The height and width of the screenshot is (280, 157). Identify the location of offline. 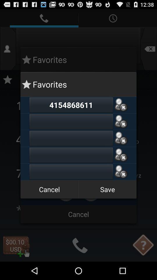
(121, 105).